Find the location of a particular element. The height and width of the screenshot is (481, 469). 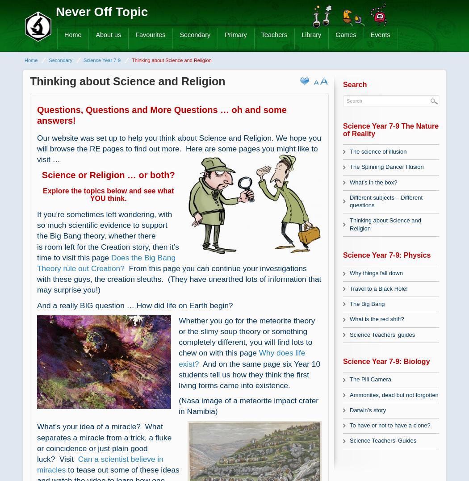

'If you’re sometimes left wondering, with so much scientific evidence to support the Big Bang theory, whether there is room left for the Creation story, then it’s time to visit this page' is located at coordinates (108, 235).